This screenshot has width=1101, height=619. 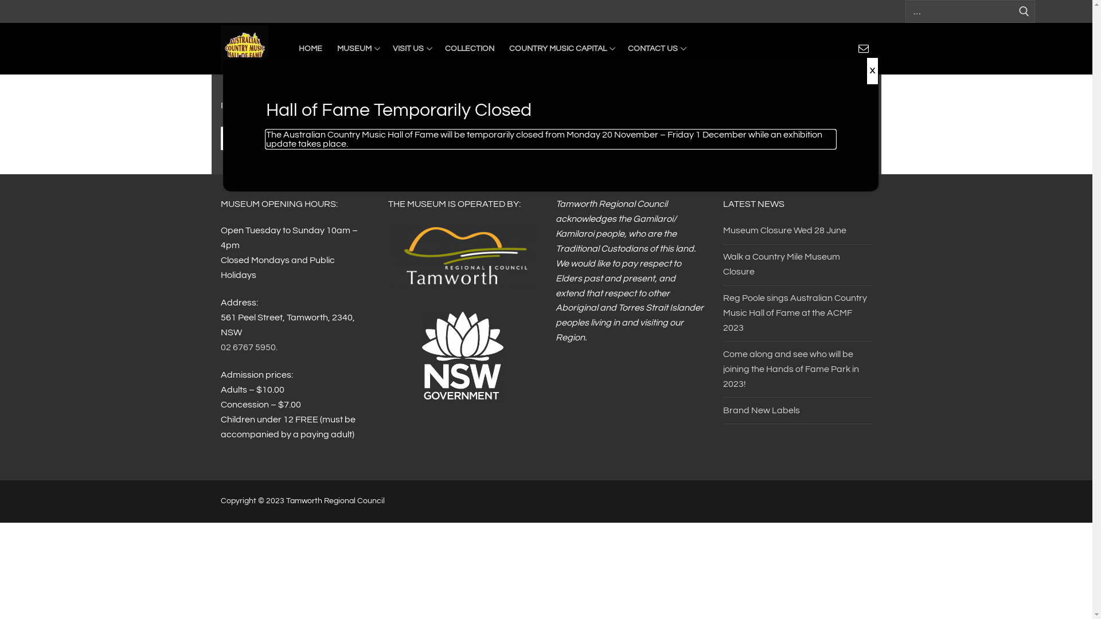 I want to click on 'CONTACT US, so click(x=655, y=48).